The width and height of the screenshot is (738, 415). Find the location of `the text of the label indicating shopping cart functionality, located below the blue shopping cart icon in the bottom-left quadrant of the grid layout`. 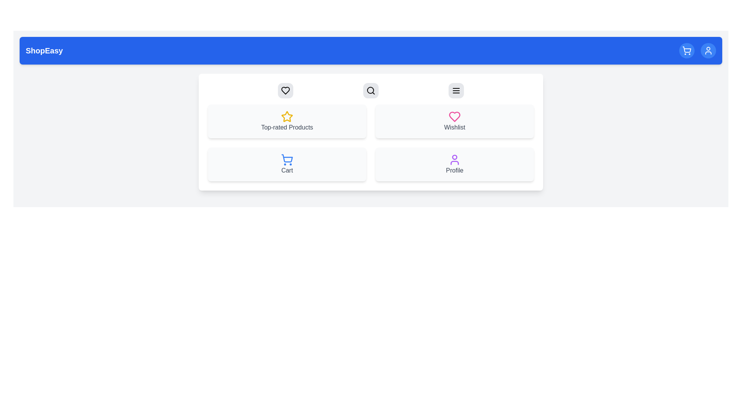

the text of the label indicating shopping cart functionality, located below the blue shopping cart icon in the bottom-left quadrant of the grid layout is located at coordinates (287, 170).